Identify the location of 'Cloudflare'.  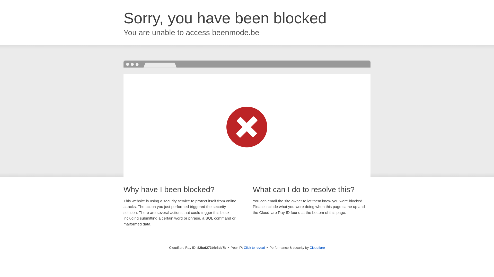
(317, 247).